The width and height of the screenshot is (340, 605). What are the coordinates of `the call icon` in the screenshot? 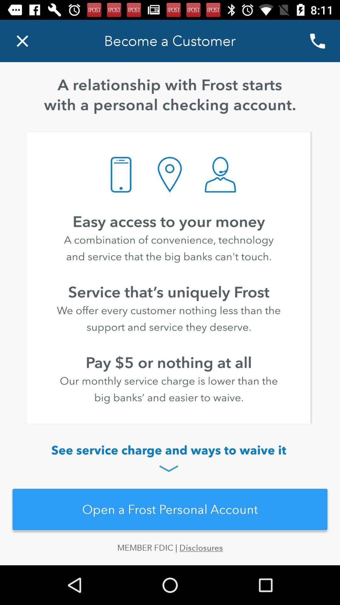 It's located at (317, 41).